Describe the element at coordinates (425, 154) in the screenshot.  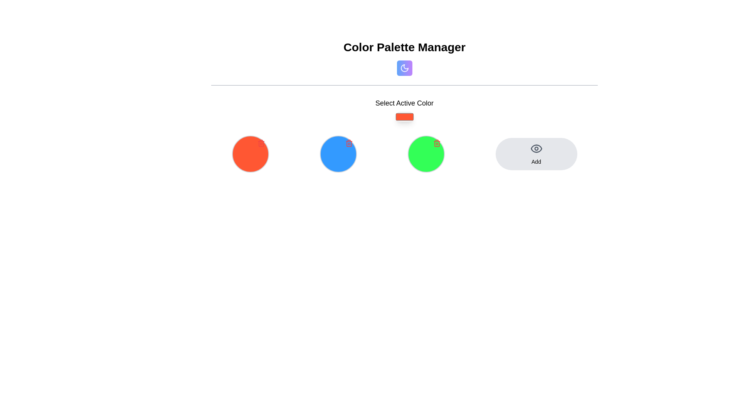
I see `the red 'trash' icon located at the top-right corner of the circular color selection with a green background` at that location.